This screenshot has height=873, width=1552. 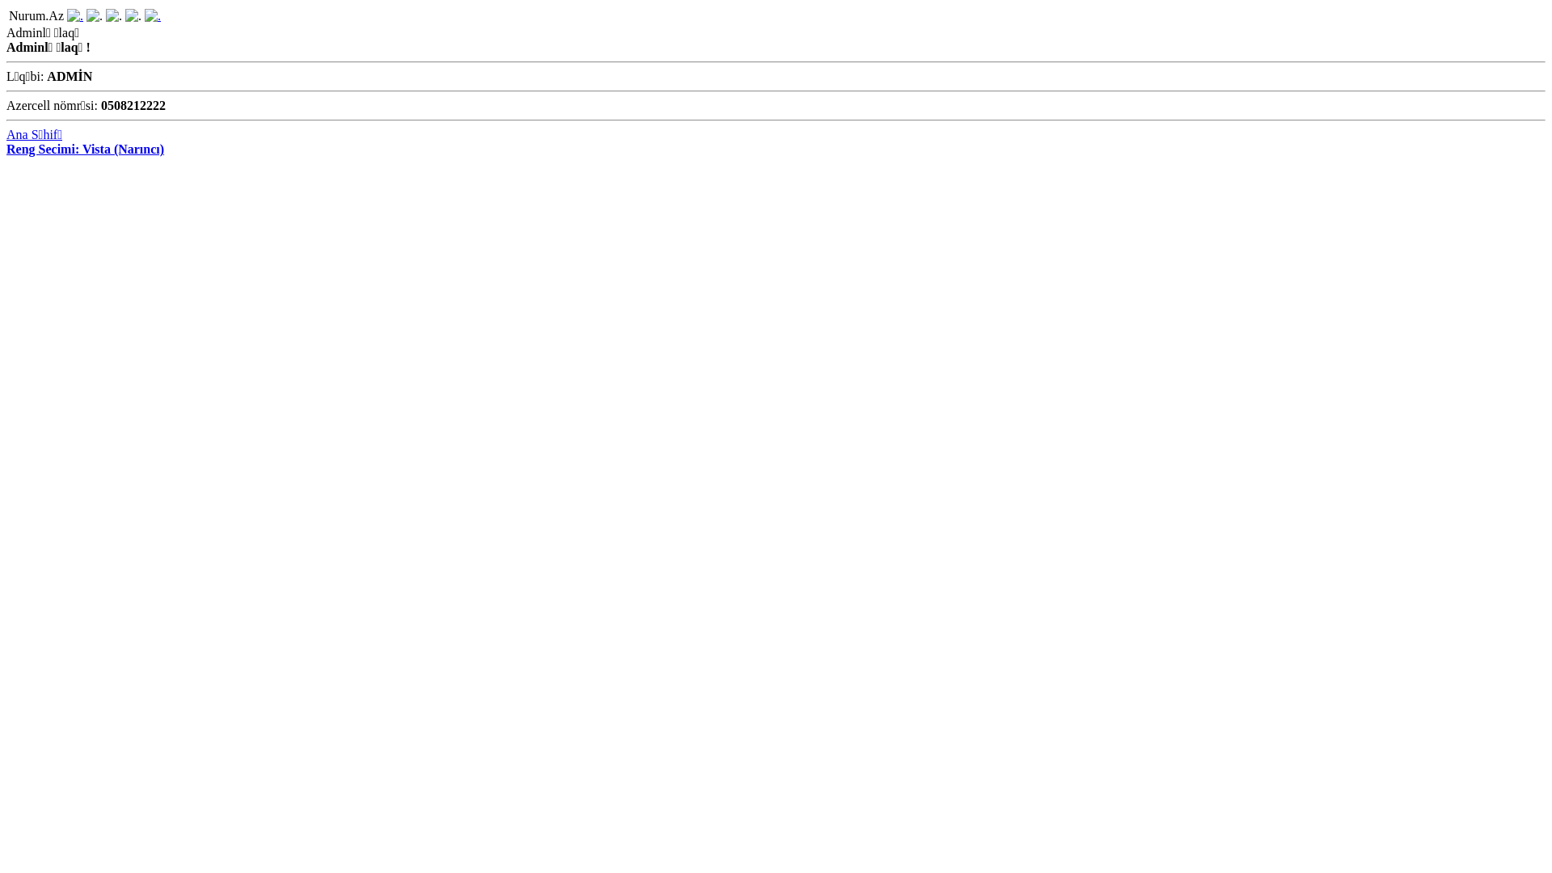 What do you see at coordinates (93, 15) in the screenshot?
I see `'Mesajlar'` at bounding box center [93, 15].